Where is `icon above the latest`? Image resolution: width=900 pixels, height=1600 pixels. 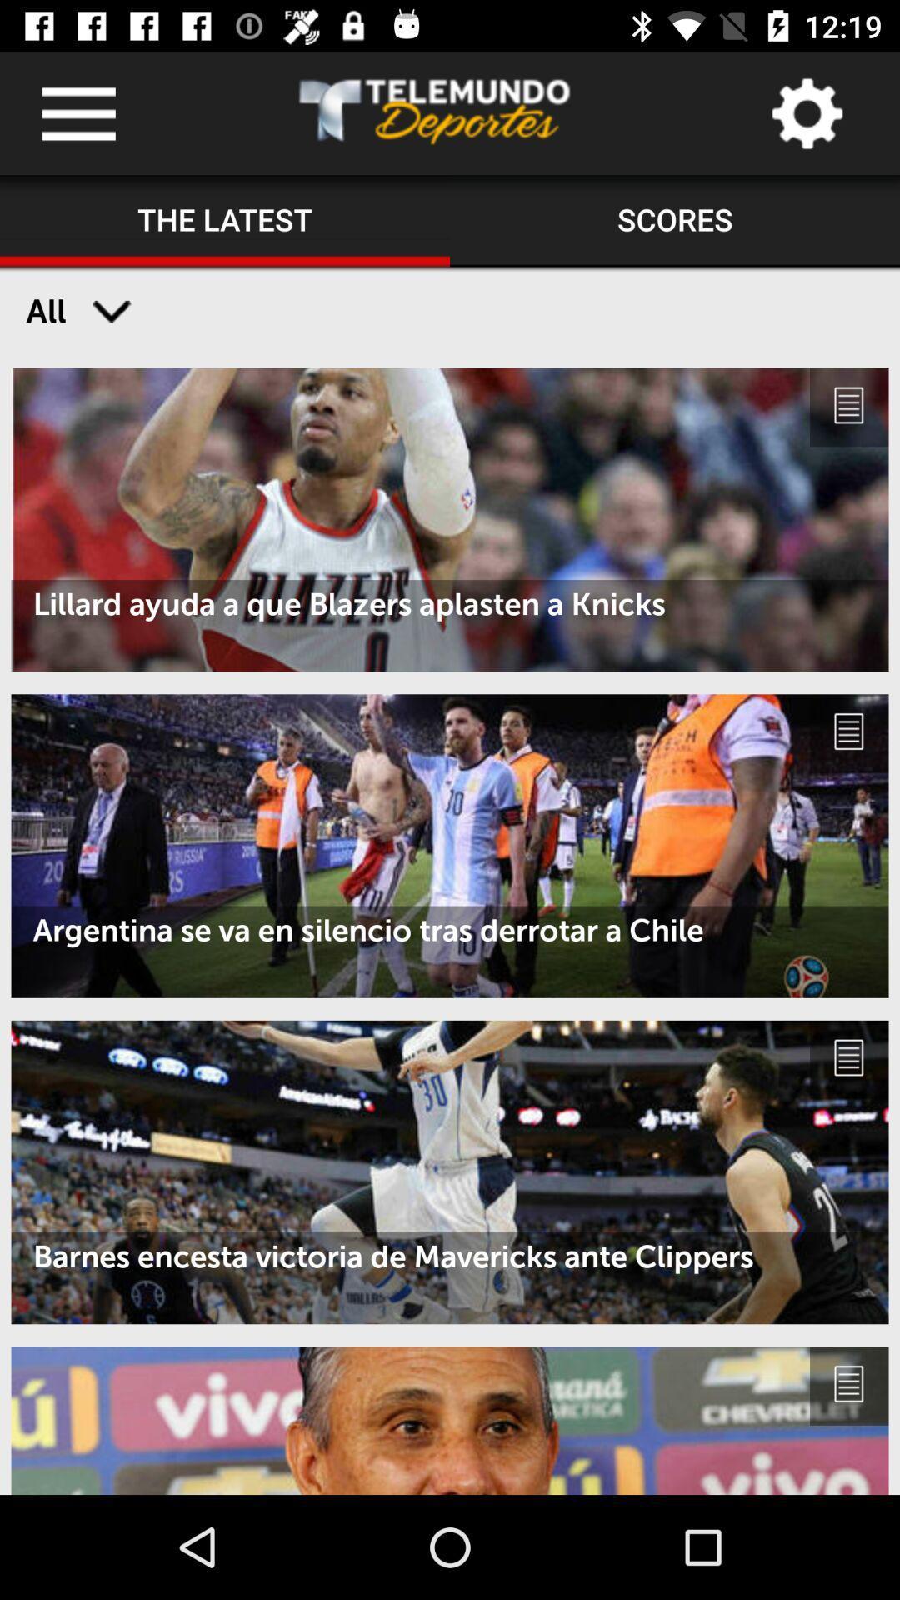
icon above the latest is located at coordinates (78, 112).